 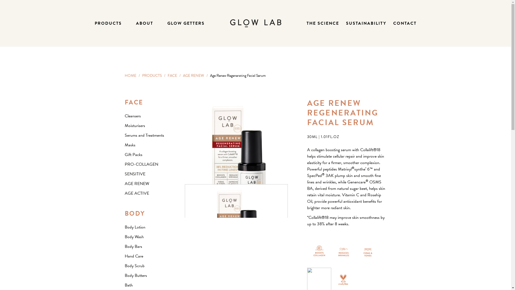 I want to click on 'BODY', so click(x=135, y=213).